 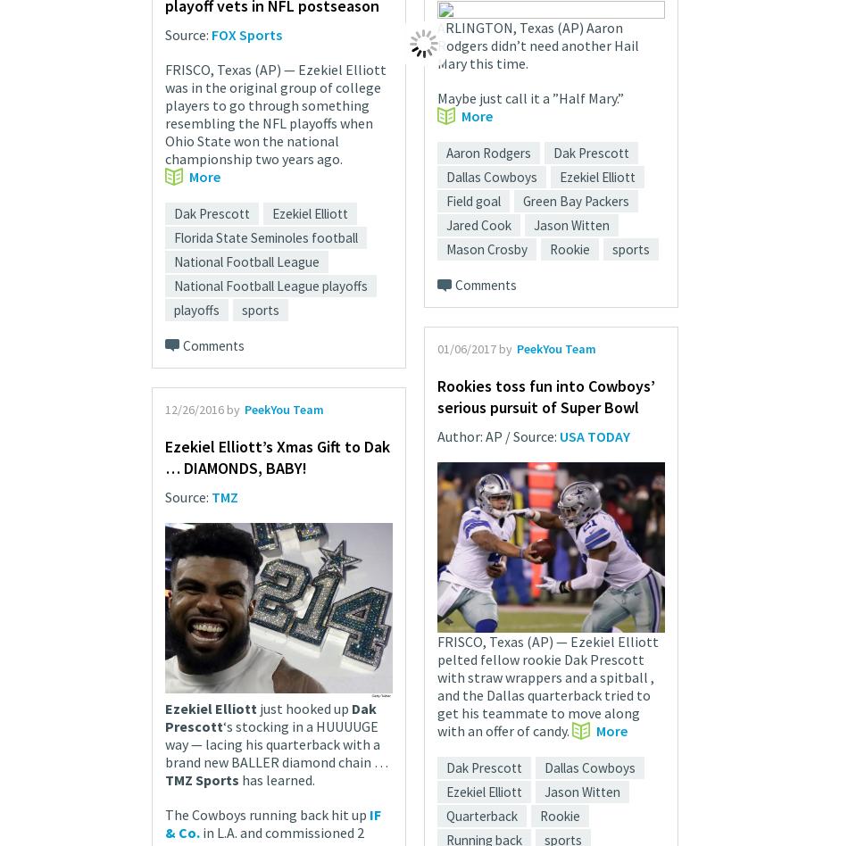 I want to click on '12/26/2016 by', so click(x=202, y=407).